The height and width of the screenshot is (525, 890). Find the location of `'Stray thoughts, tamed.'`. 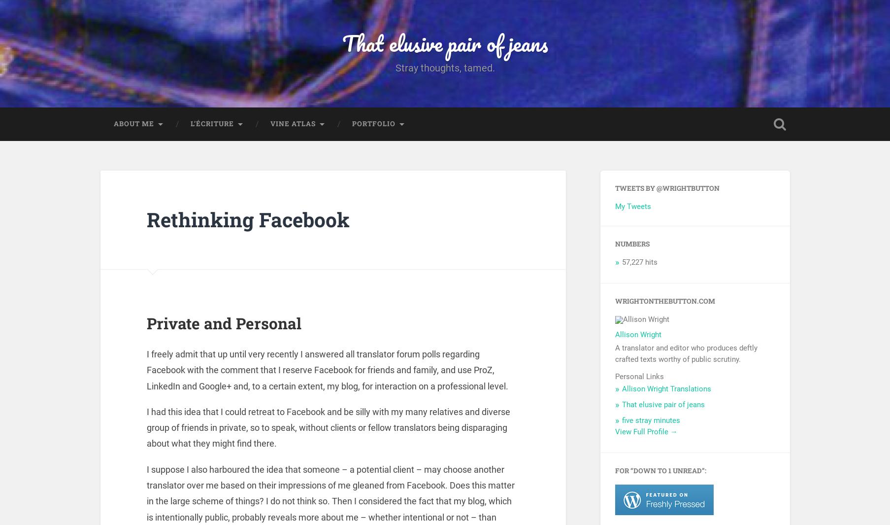

'Stray thoughts, tamed.' is located at coordinates (444, 69).